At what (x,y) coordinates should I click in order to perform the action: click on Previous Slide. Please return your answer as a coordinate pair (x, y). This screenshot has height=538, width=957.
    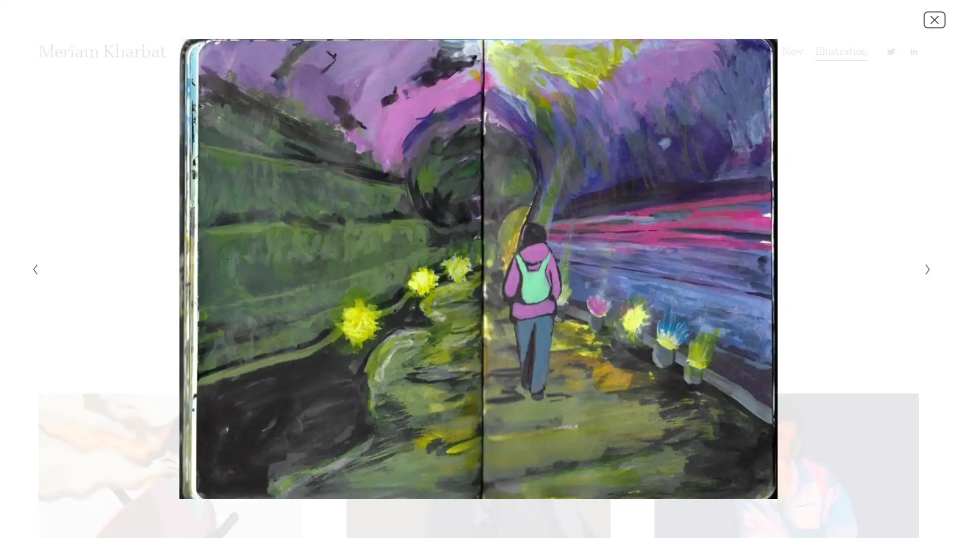
    Looking at the image, I should click on (31, 269).